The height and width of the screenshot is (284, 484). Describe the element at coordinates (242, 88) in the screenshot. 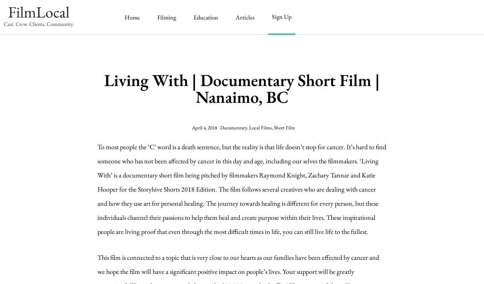

I see `'Living With | Documentary Short Film | Nanaimo, BC'` at that location.